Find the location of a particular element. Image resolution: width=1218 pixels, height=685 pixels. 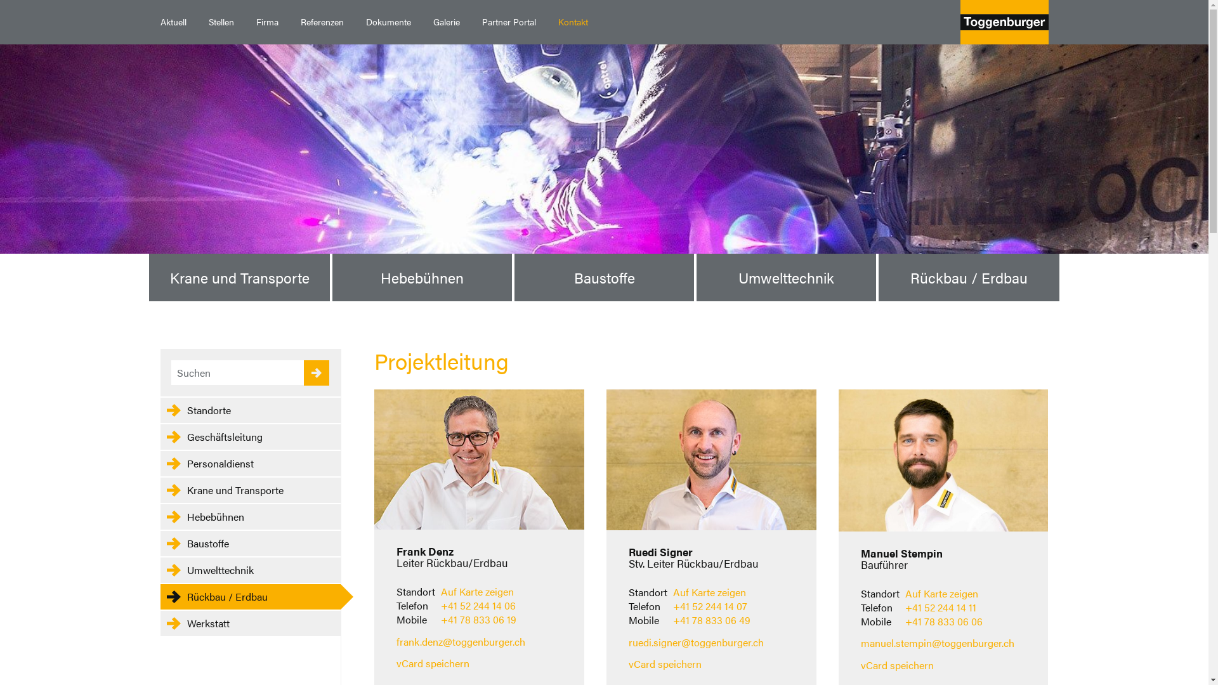

'+41 78 833 06 49' is located at coordinates (712, 619).